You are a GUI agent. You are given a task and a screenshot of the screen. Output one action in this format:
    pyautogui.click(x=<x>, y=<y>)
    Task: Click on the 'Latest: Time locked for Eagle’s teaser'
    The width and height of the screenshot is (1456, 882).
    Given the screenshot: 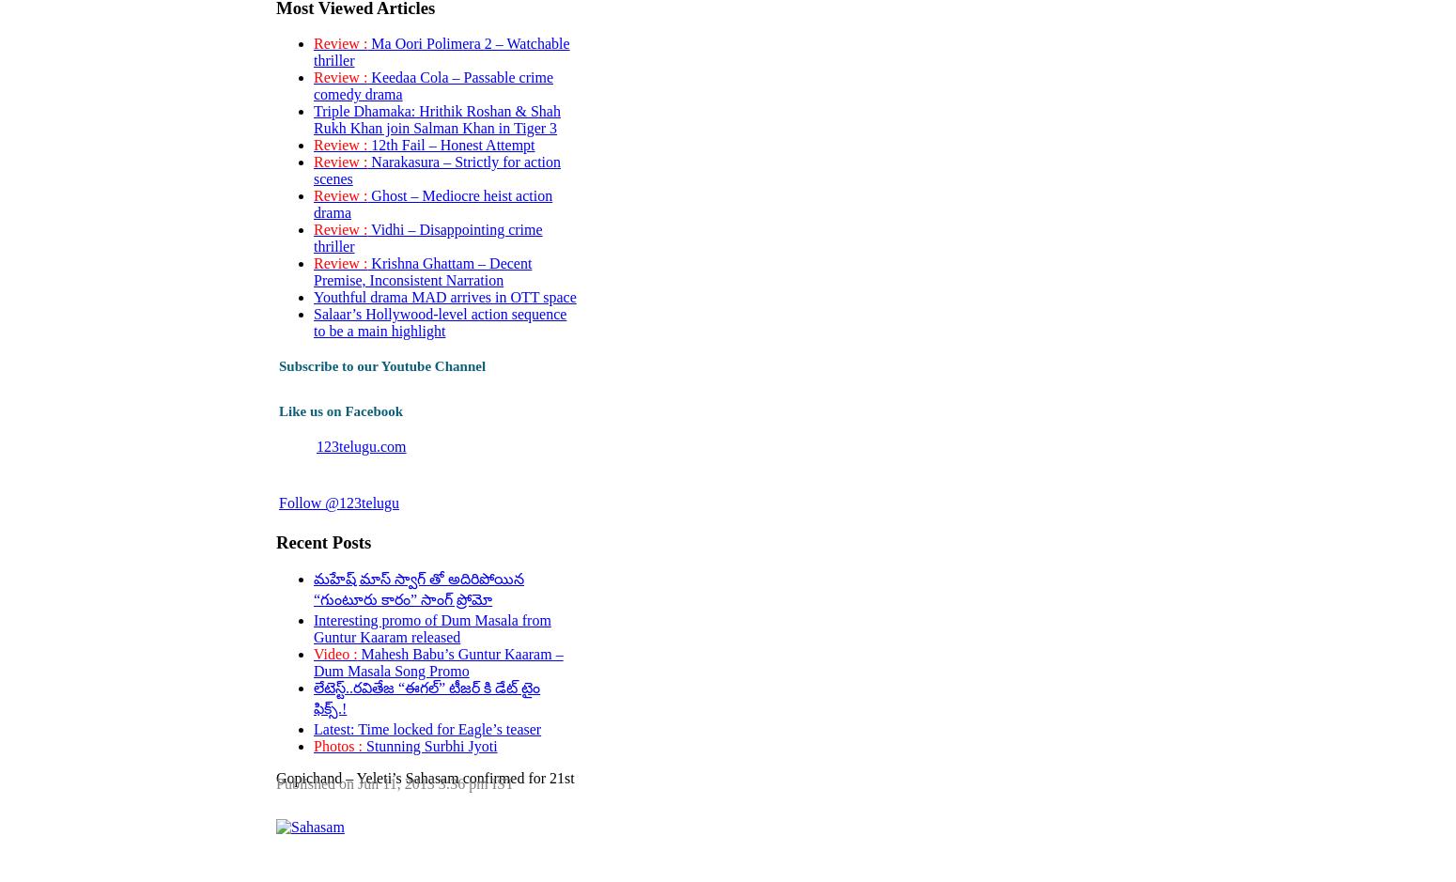 What is the action you would take?
    pyautogui.click(x=426, y=727)
    